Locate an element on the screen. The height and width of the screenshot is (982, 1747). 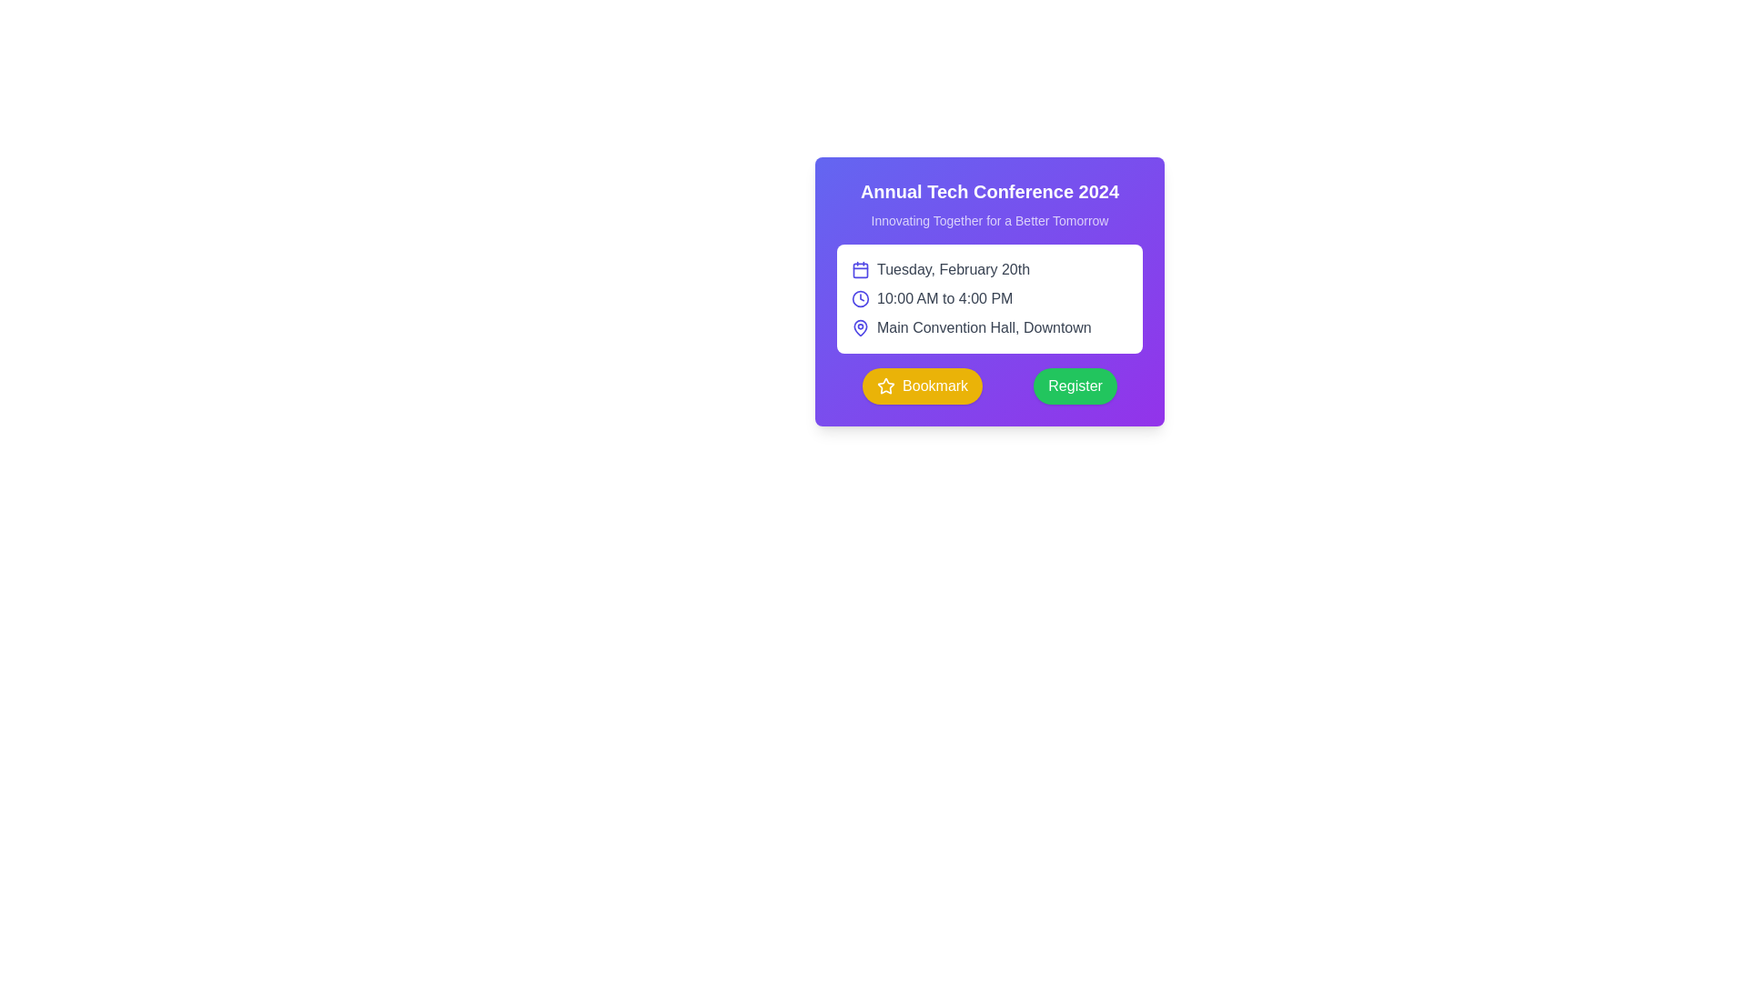
the 'Bookmark' button which displays white text on a yellow background and includes a star icon, located in the bottom-left area of a purple card UI for the 'Annual Tech Conference 2024' is located at coordinates (935, 385).